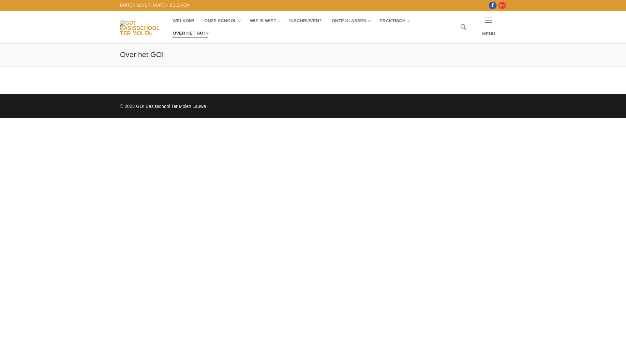 Image resolution: width=626 pixels, height=352 pixels. Describe the element at coordinates (183, 21) in the screenshot. I see `'WELKOM!'` at that location.